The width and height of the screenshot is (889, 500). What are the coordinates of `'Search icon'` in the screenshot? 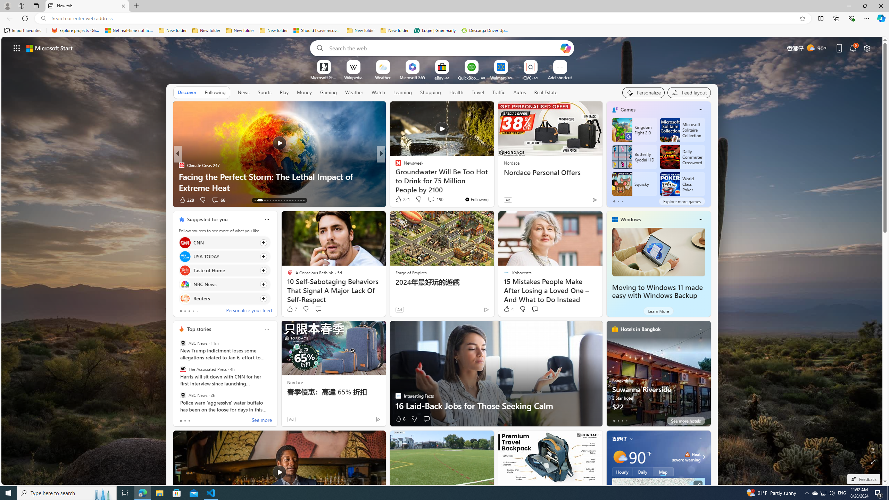 It's located at (43, 18).